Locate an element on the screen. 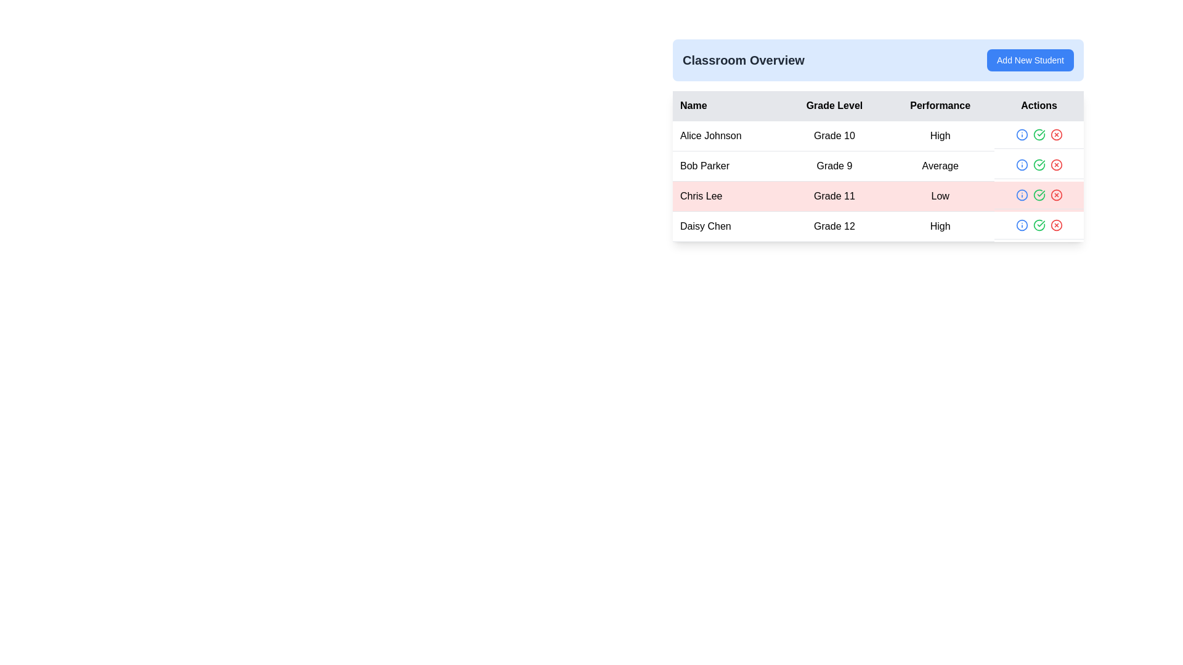 This screenshot has width=1183, height=665. the confirmation icon button in the Actions column of the third row associated with 'Chris Lee' is located at coordinates (1038, 225).